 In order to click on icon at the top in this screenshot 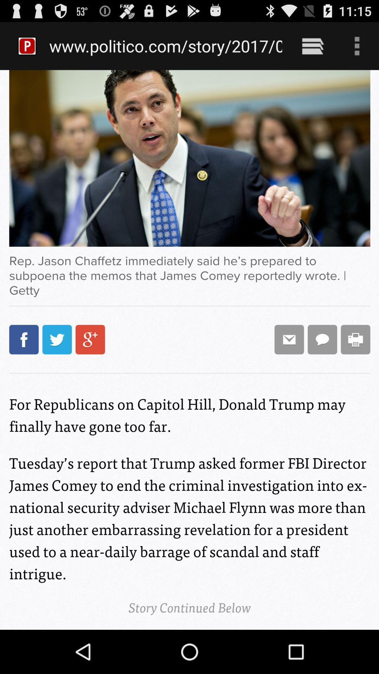, I will do `click(166, 46)`.